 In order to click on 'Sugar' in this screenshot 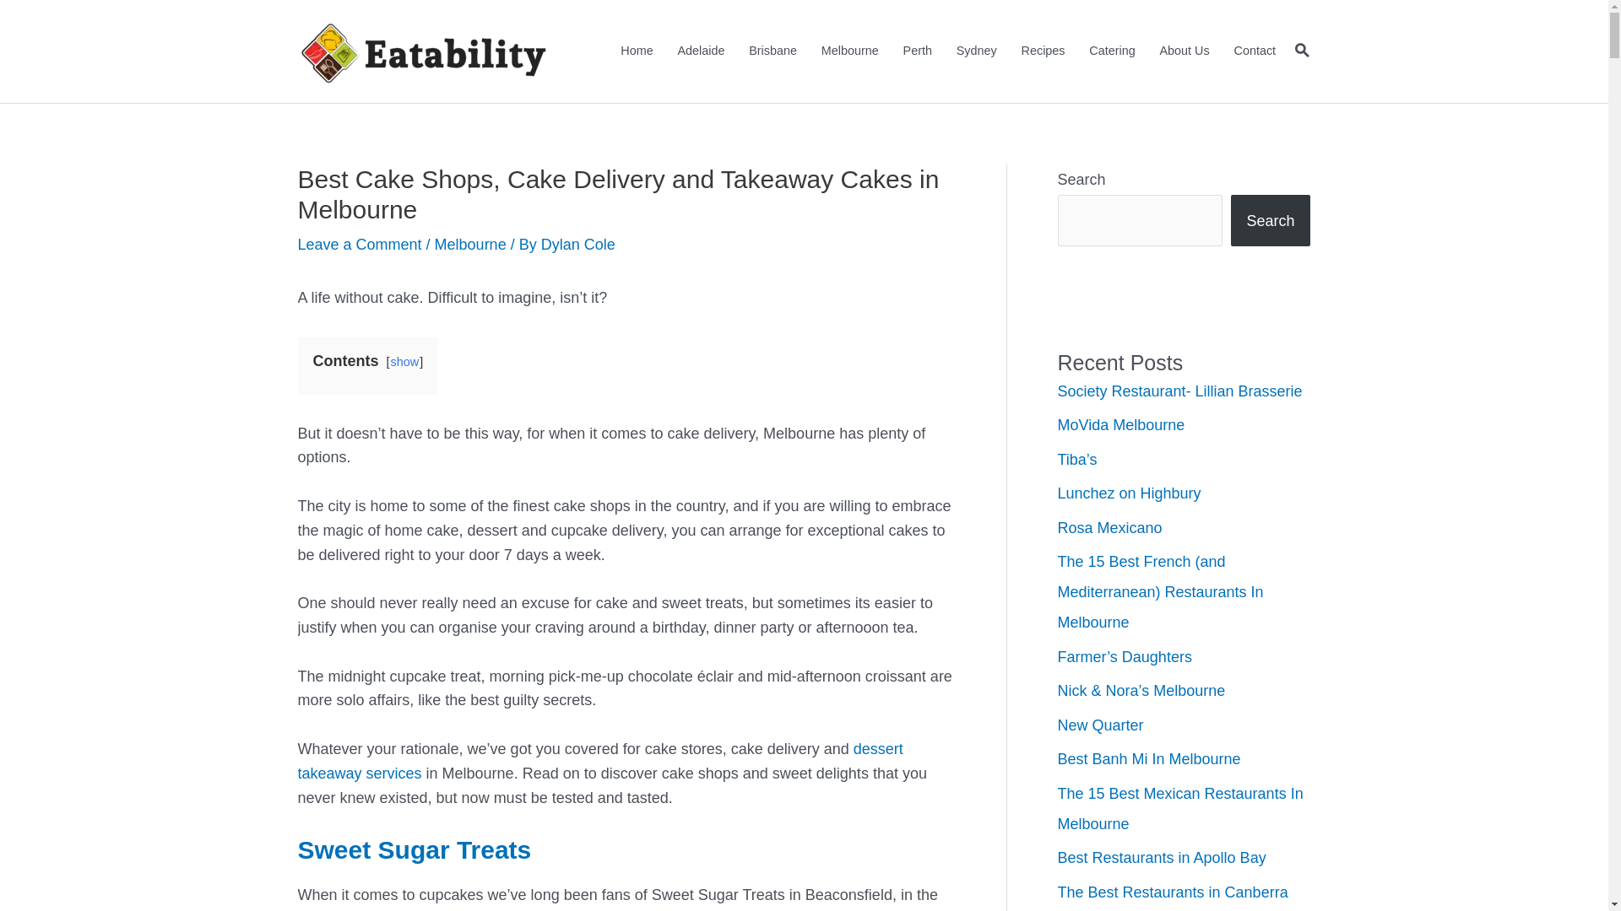, I will do `click(377, 849)`.